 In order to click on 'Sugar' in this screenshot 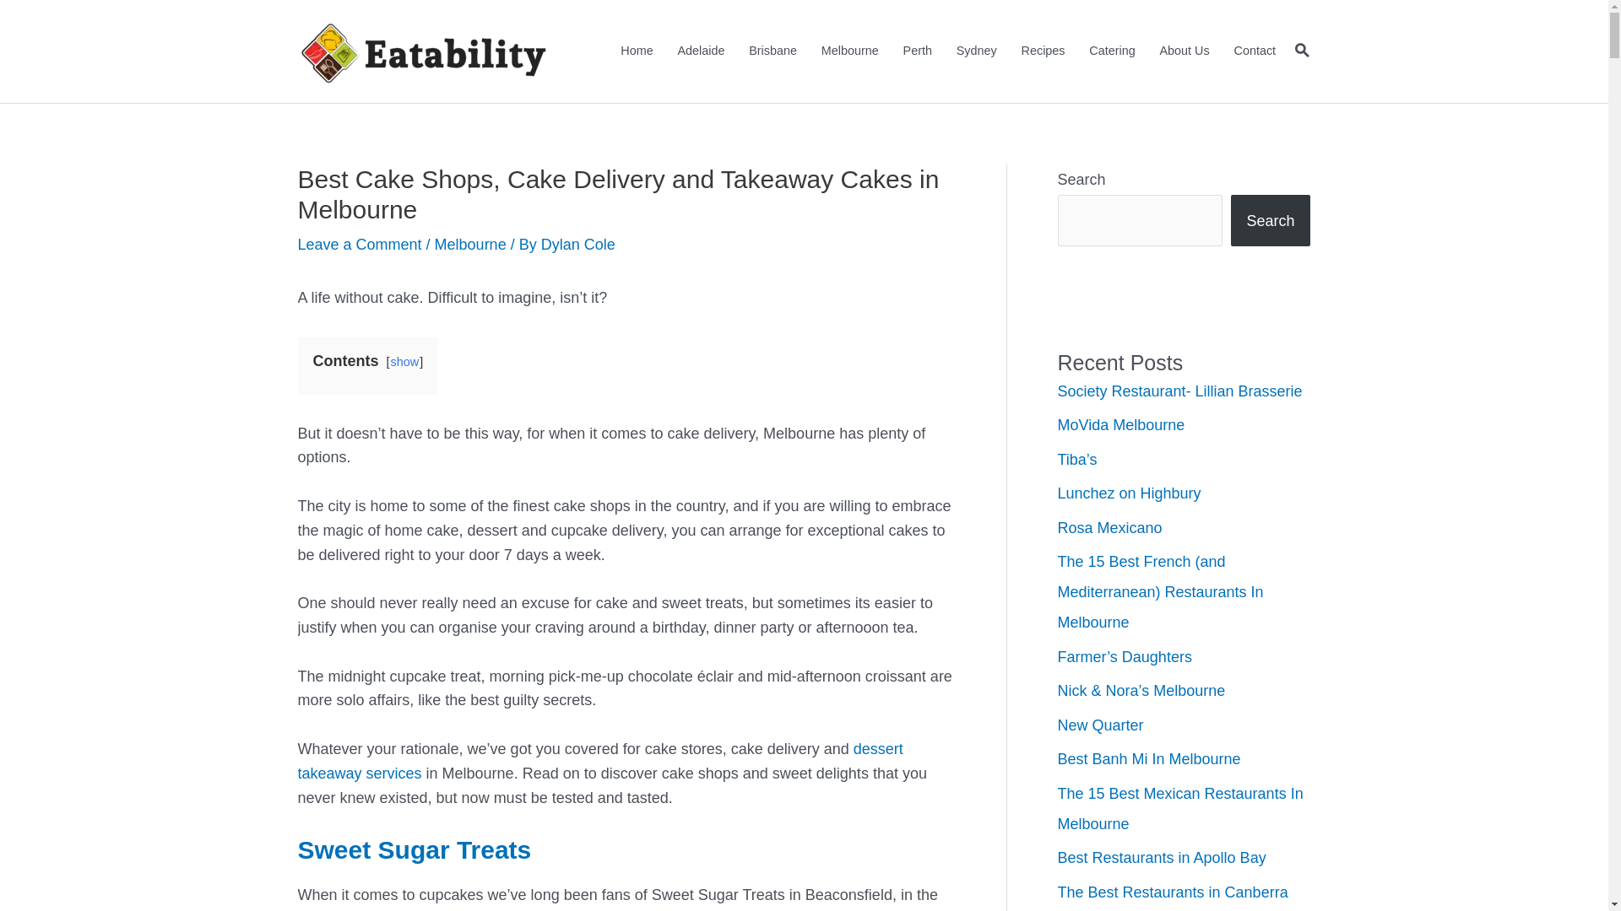, I will do `click(377, 849)`.